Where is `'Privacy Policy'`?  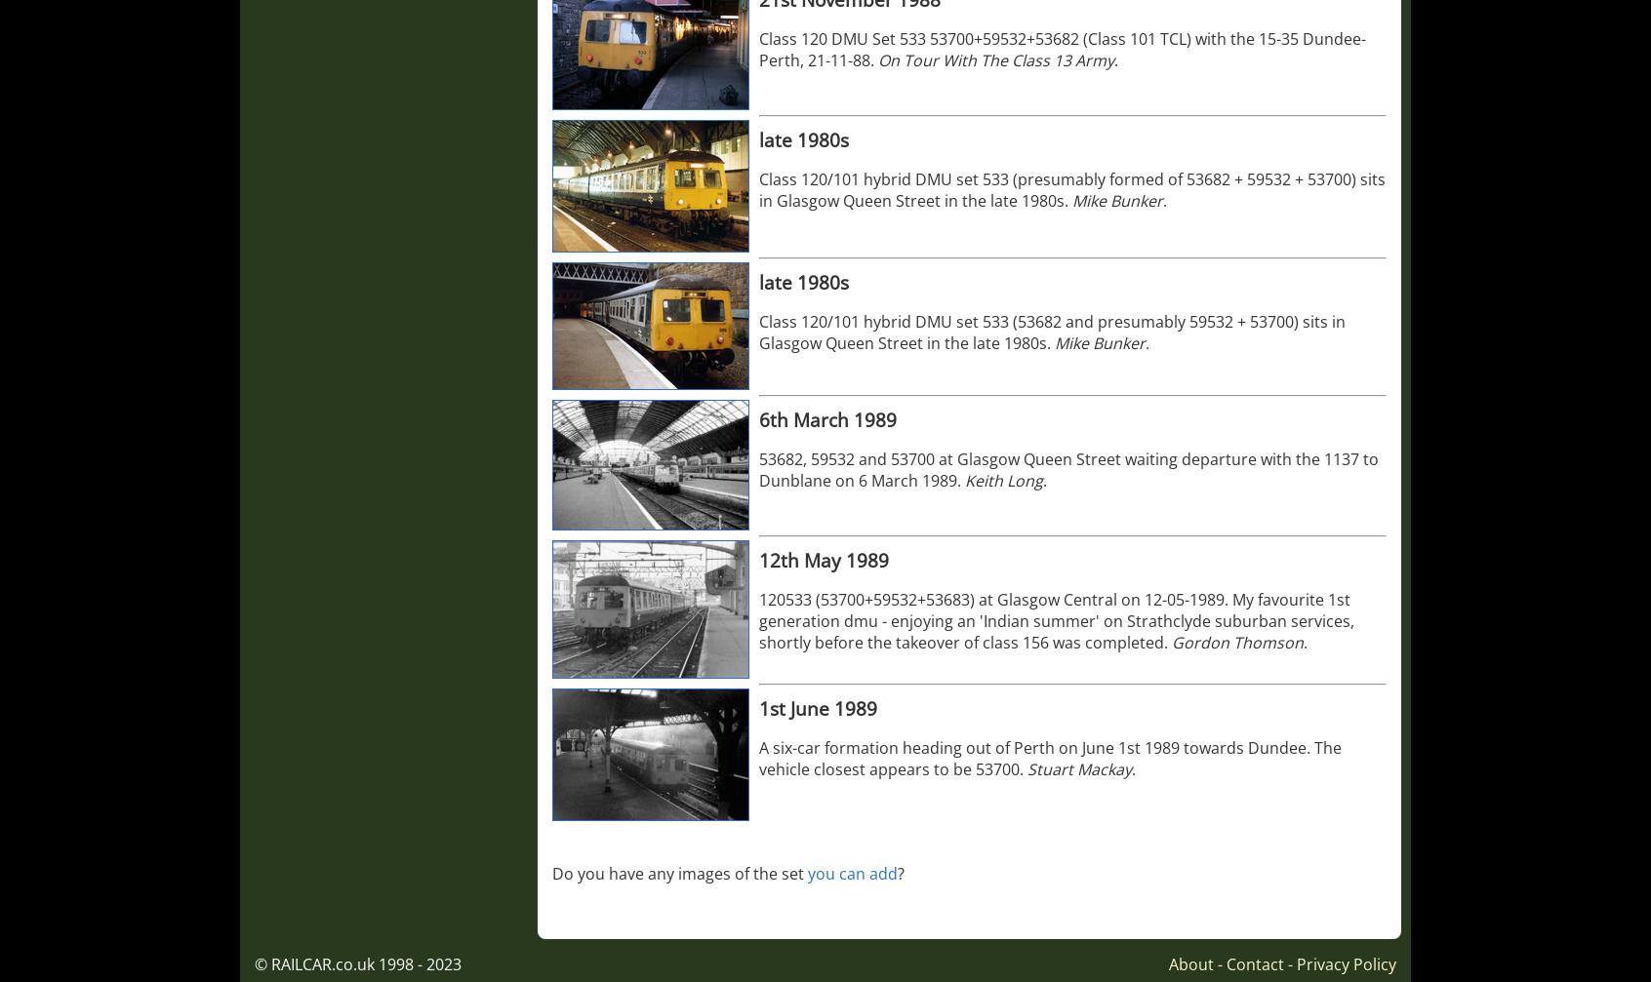
'Privacy Policy' is located at coordinates (1346, 962).